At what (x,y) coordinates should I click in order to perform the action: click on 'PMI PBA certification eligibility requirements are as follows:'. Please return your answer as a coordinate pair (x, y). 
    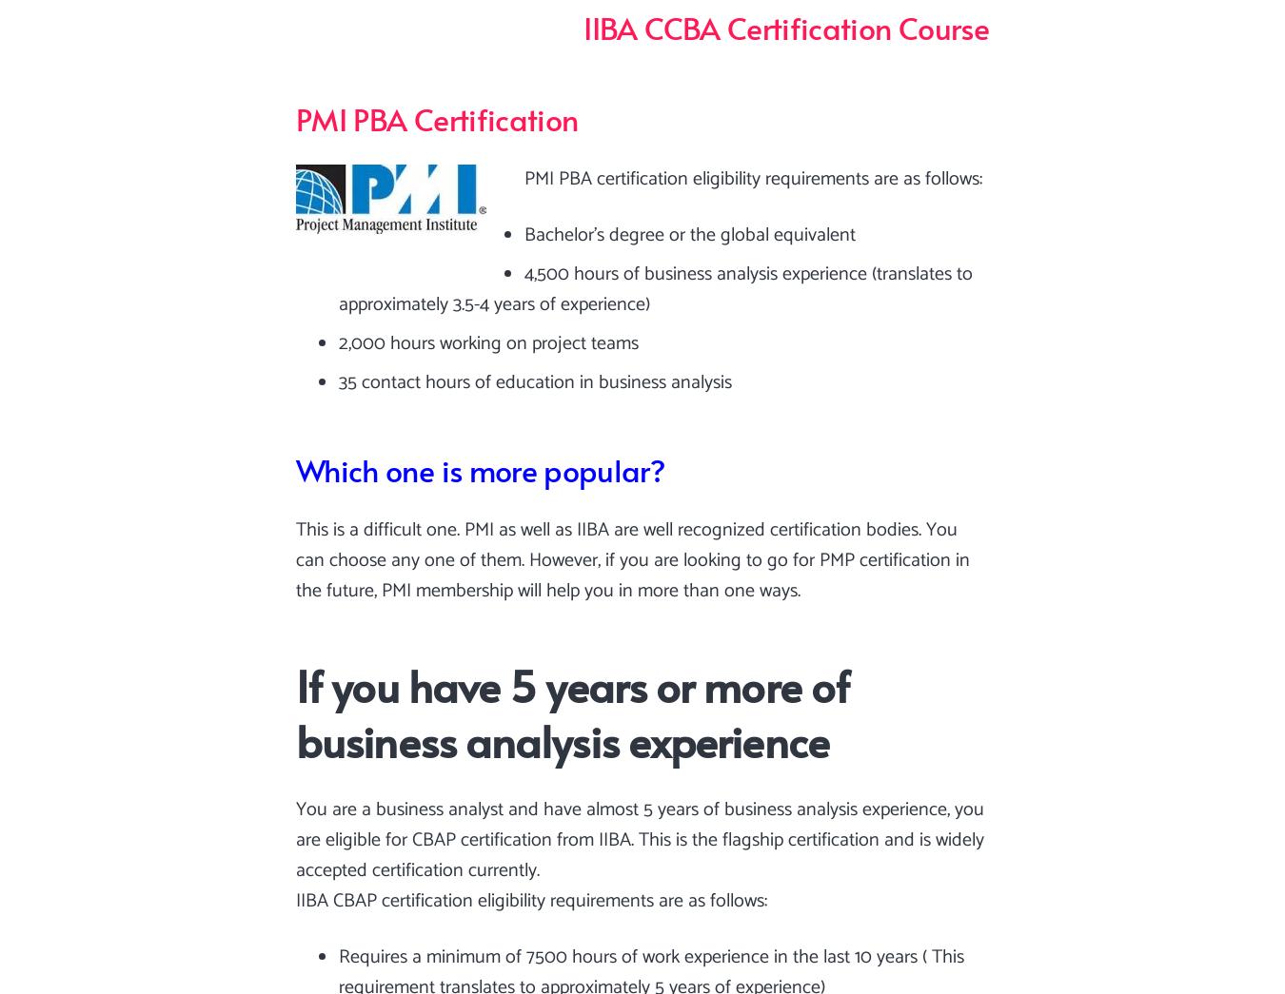
    Looking at the image, I should click on (753, 178).